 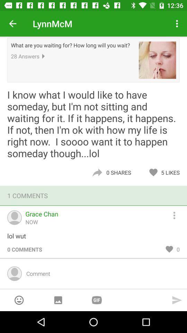 I want to click on hamburger button, so click(x=177, y=214).